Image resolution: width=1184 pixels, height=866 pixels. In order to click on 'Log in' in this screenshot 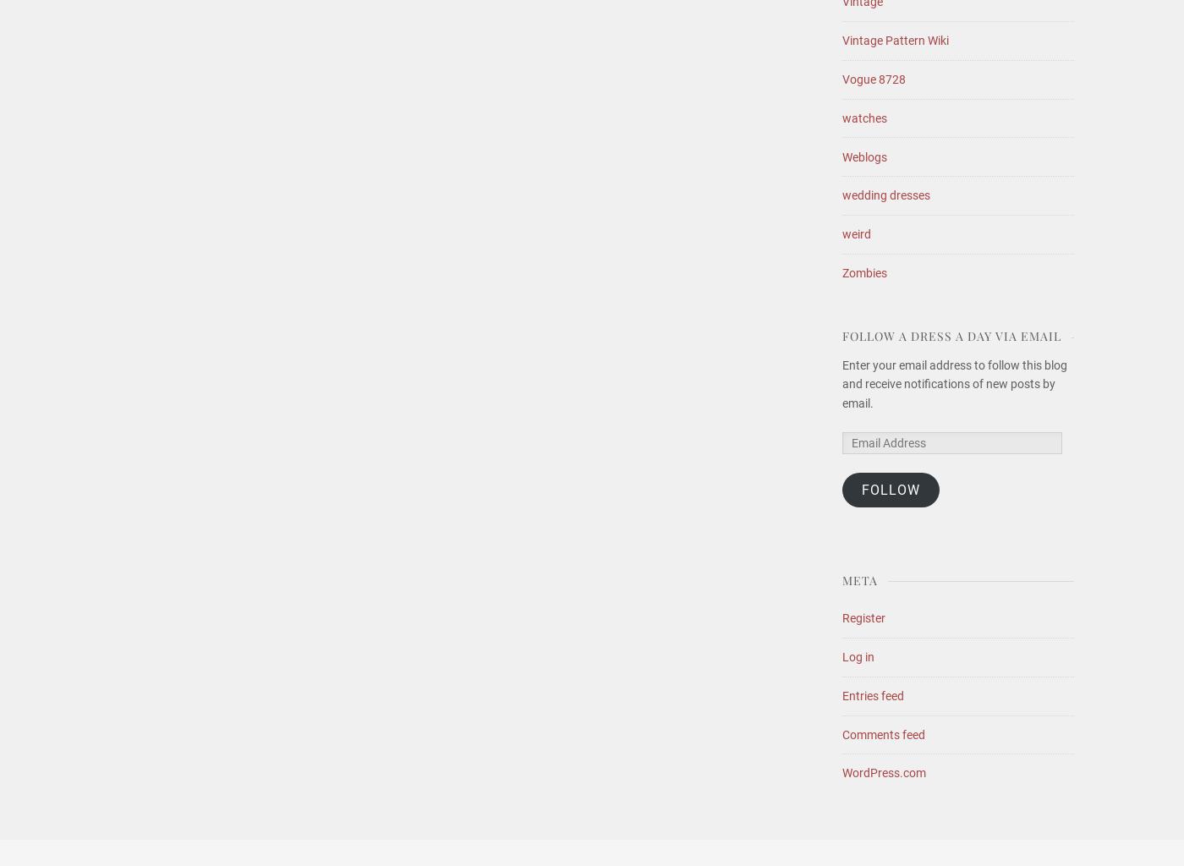, I will do `click(858, 657)`.